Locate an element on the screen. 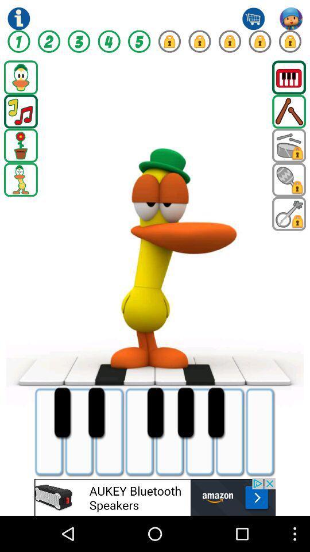  information option is located at coordinates (18, 18).